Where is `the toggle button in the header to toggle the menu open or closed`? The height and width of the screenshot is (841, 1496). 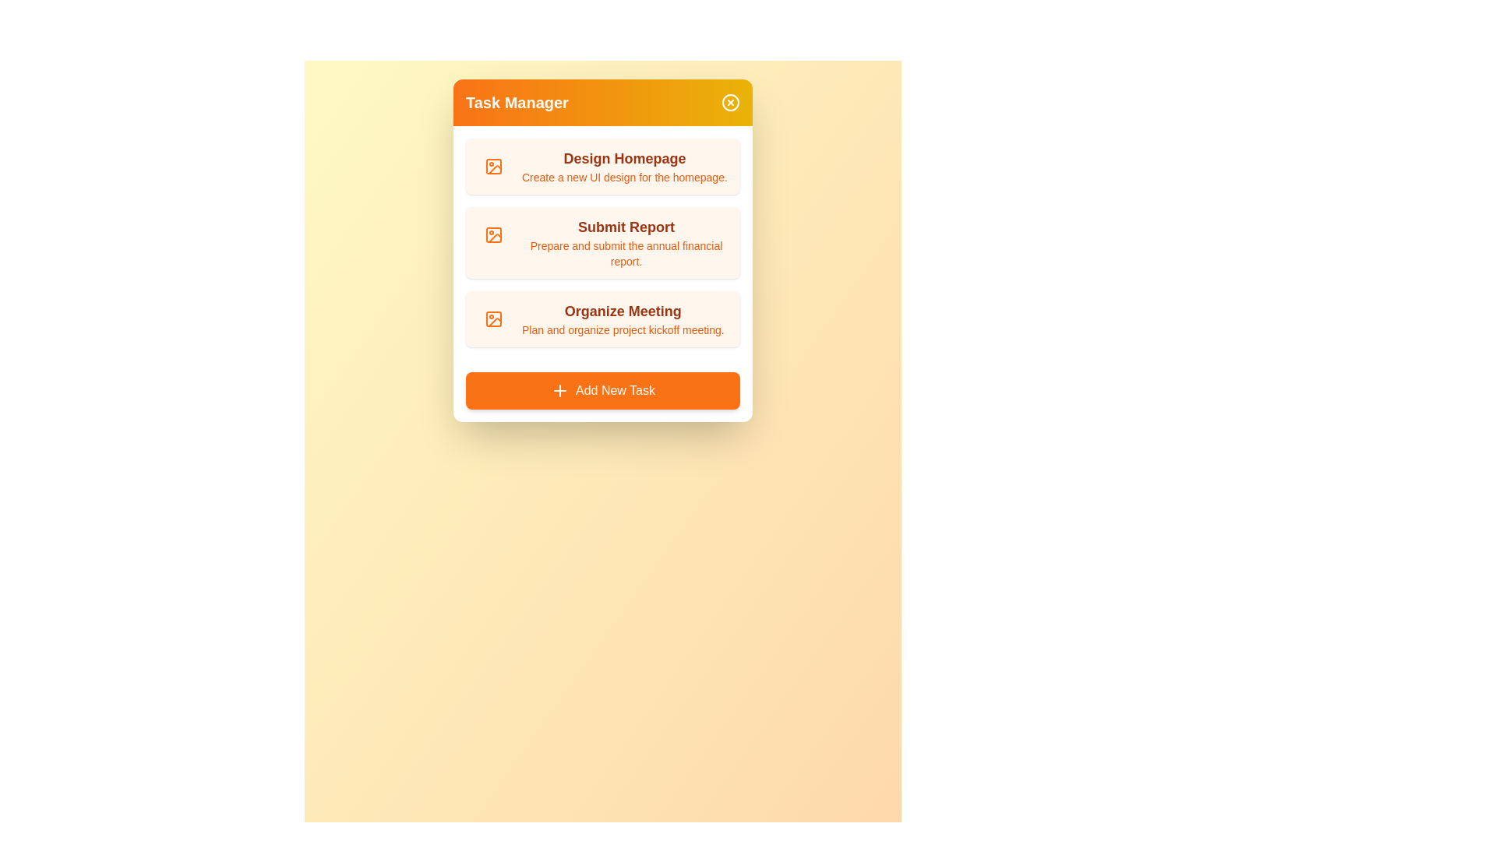 the toggle button in the header to toggle the menu open or closed is located at coordinates (729, 102).